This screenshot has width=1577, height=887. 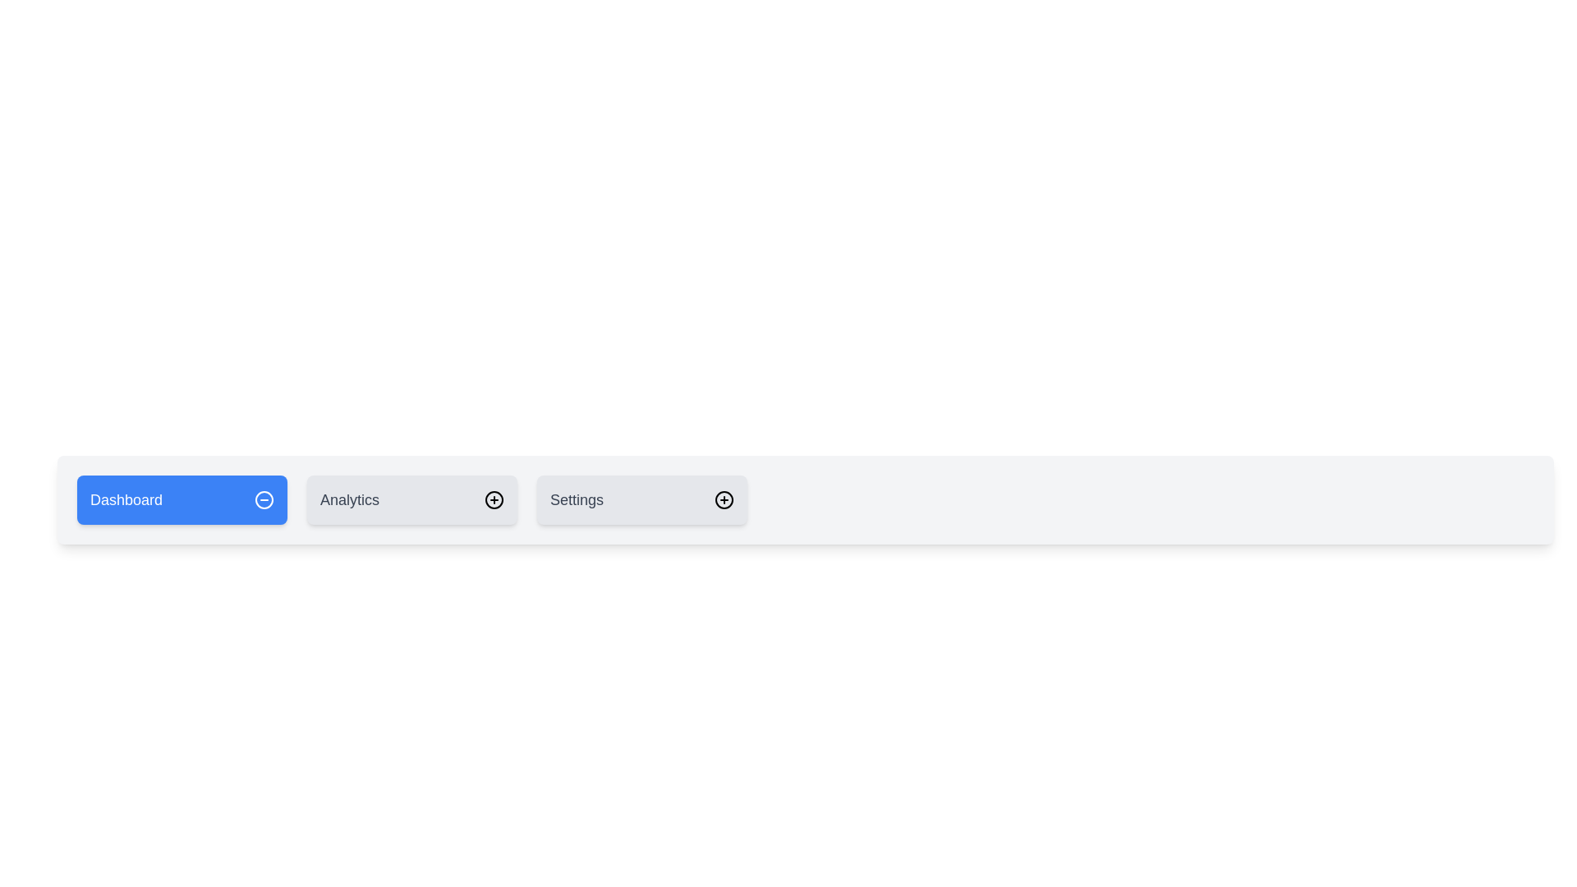 What do you see at coordinates (264, 499) in the screenshot?
I see `the circular icon located on the rightmost side of the 'Dashboard' option in the navigation row, which indicates additional options or toggles a feature` at bounding box center [264, 499].